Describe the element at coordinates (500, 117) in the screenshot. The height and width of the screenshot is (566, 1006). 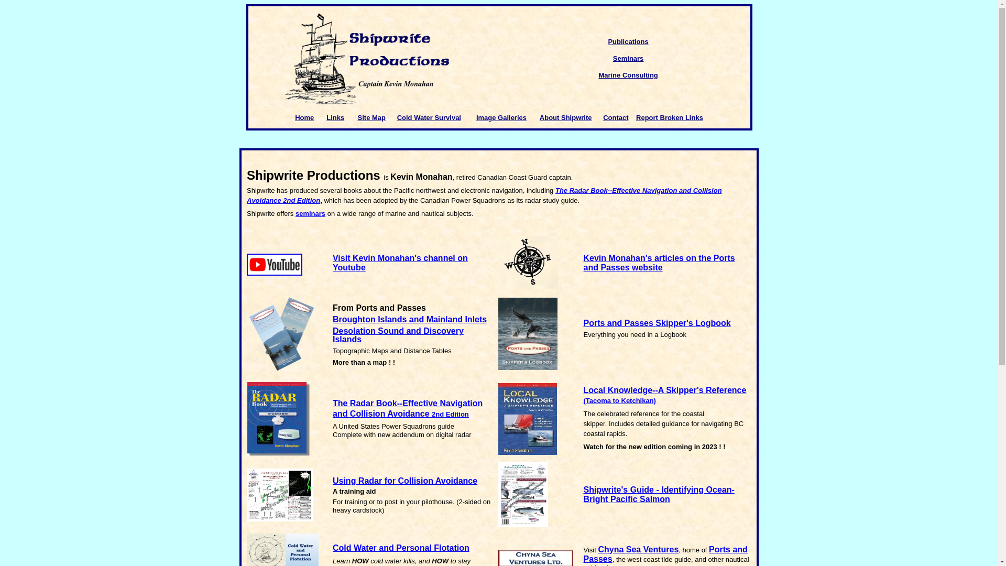
I see `'Image Galleries'` at that location.